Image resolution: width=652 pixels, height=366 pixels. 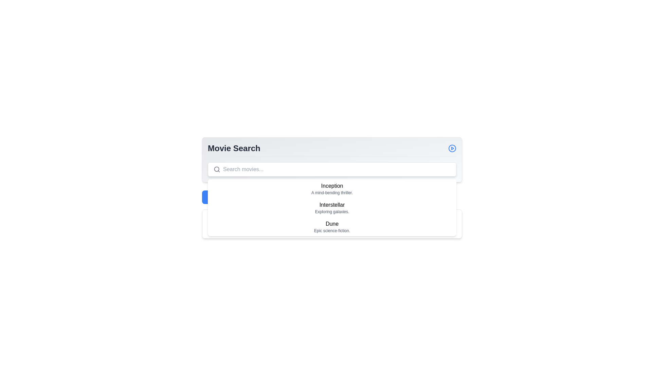 I want to click on the 'Interstellar' dropdown option, which is the second entry, so click(x=332, y=207).